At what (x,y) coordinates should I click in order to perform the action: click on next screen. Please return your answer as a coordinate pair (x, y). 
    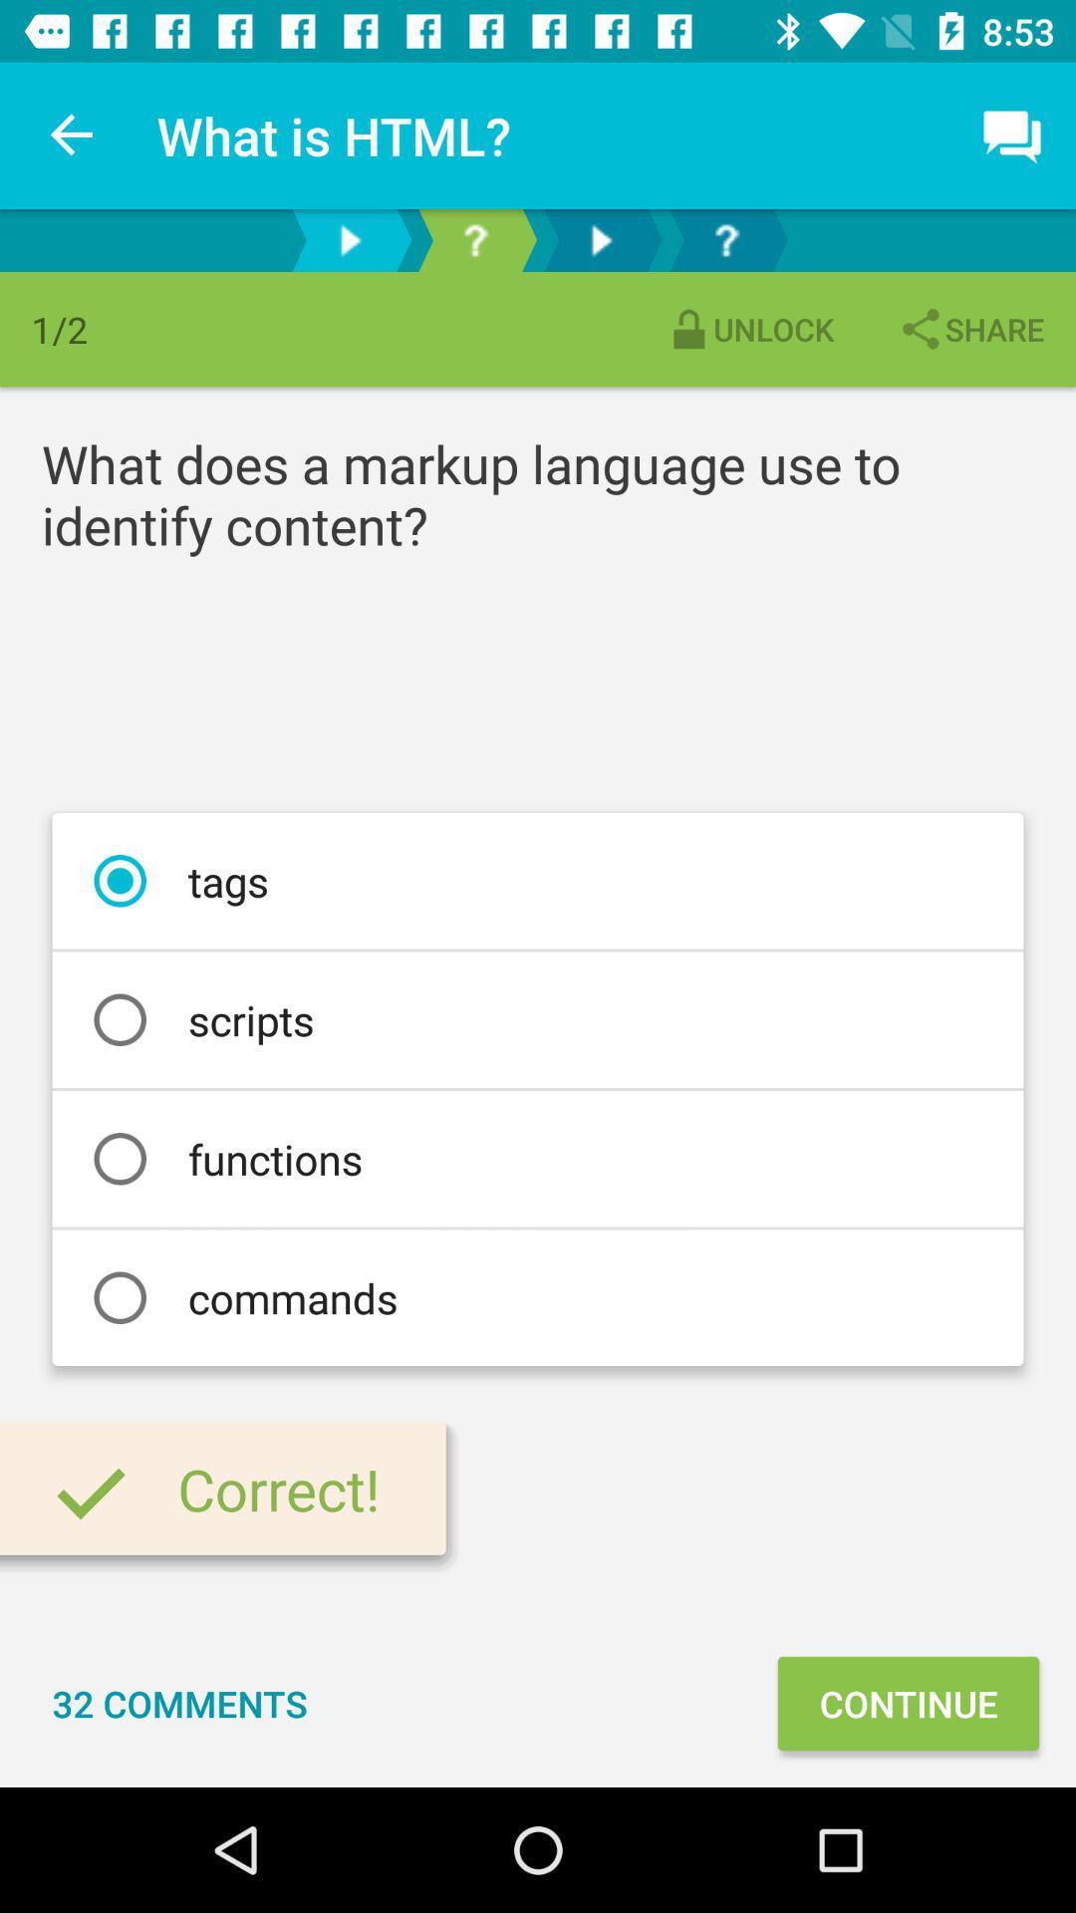
    Looking at the image, I should click on (599, 239).